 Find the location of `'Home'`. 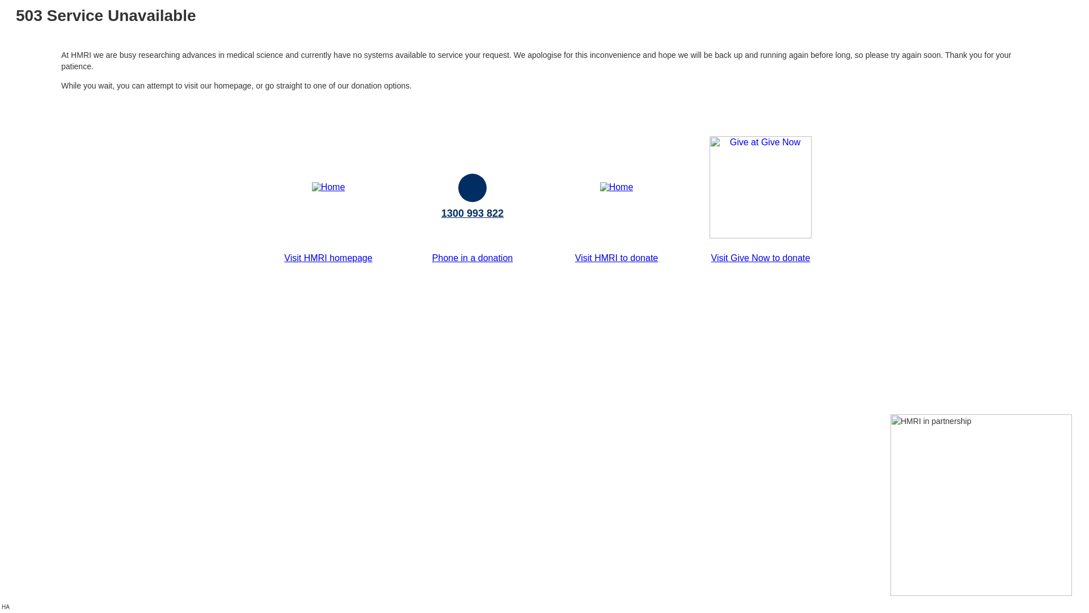

'Home' is located at coordinates (328, 186).